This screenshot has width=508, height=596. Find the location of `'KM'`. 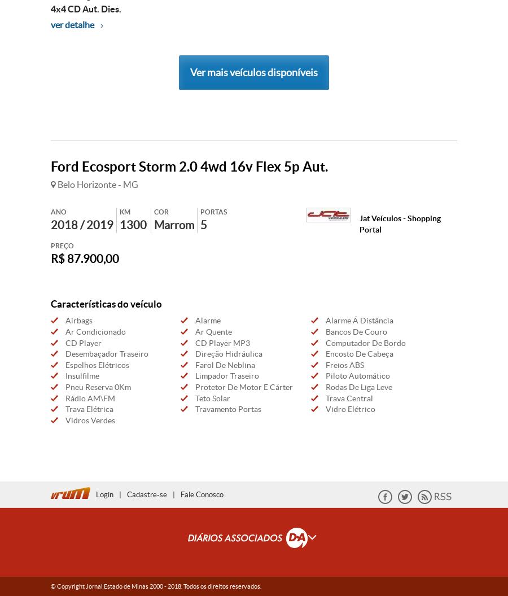

'KM' is located at coordinates (125, 211).